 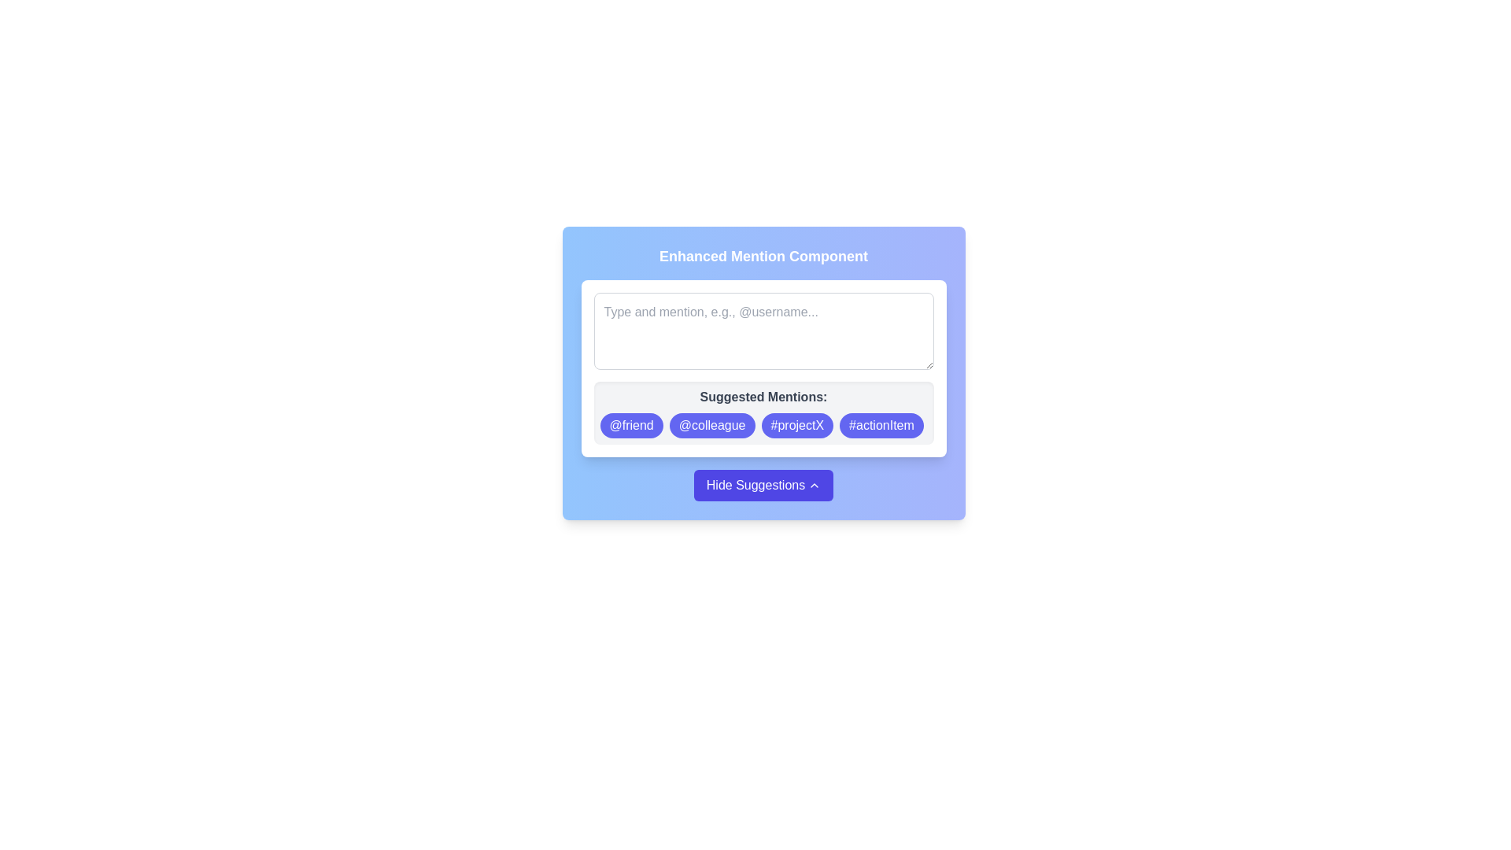 What do you see at coordinates (763, 256) in the screenshot?
I see `the Static Text element titled 'Enhanced Mention Component', which is prominently displayed at the top of the interface with a bold white font against a blue to purple gradient background` at bounding box center [763, 256].